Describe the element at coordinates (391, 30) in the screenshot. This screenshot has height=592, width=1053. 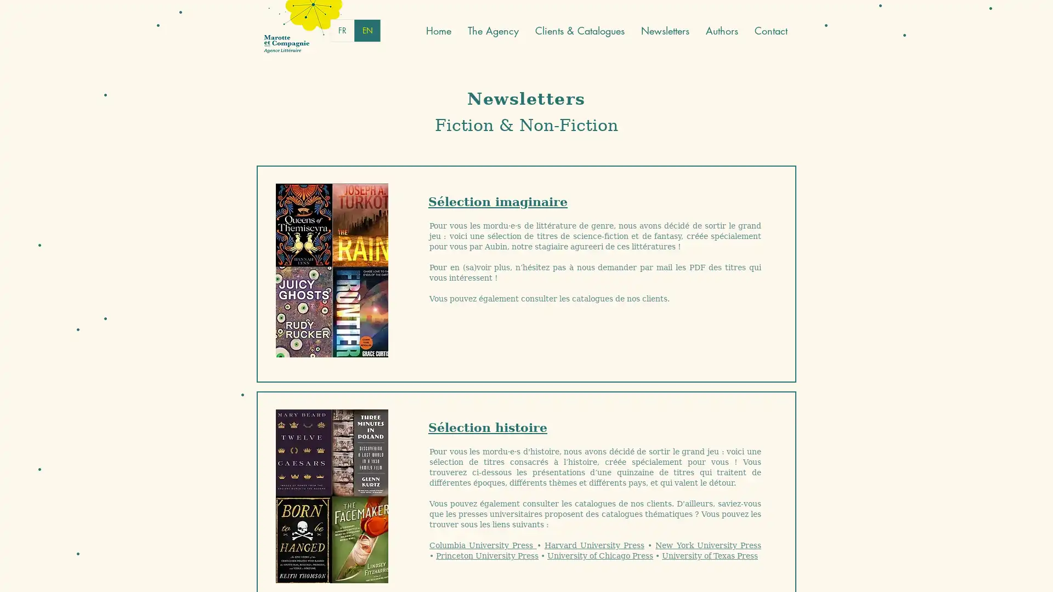
I see `English` at that location.